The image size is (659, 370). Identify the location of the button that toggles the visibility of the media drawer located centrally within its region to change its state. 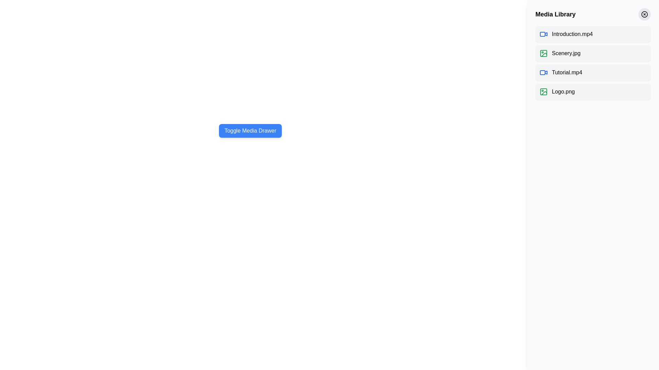
(250, 131).